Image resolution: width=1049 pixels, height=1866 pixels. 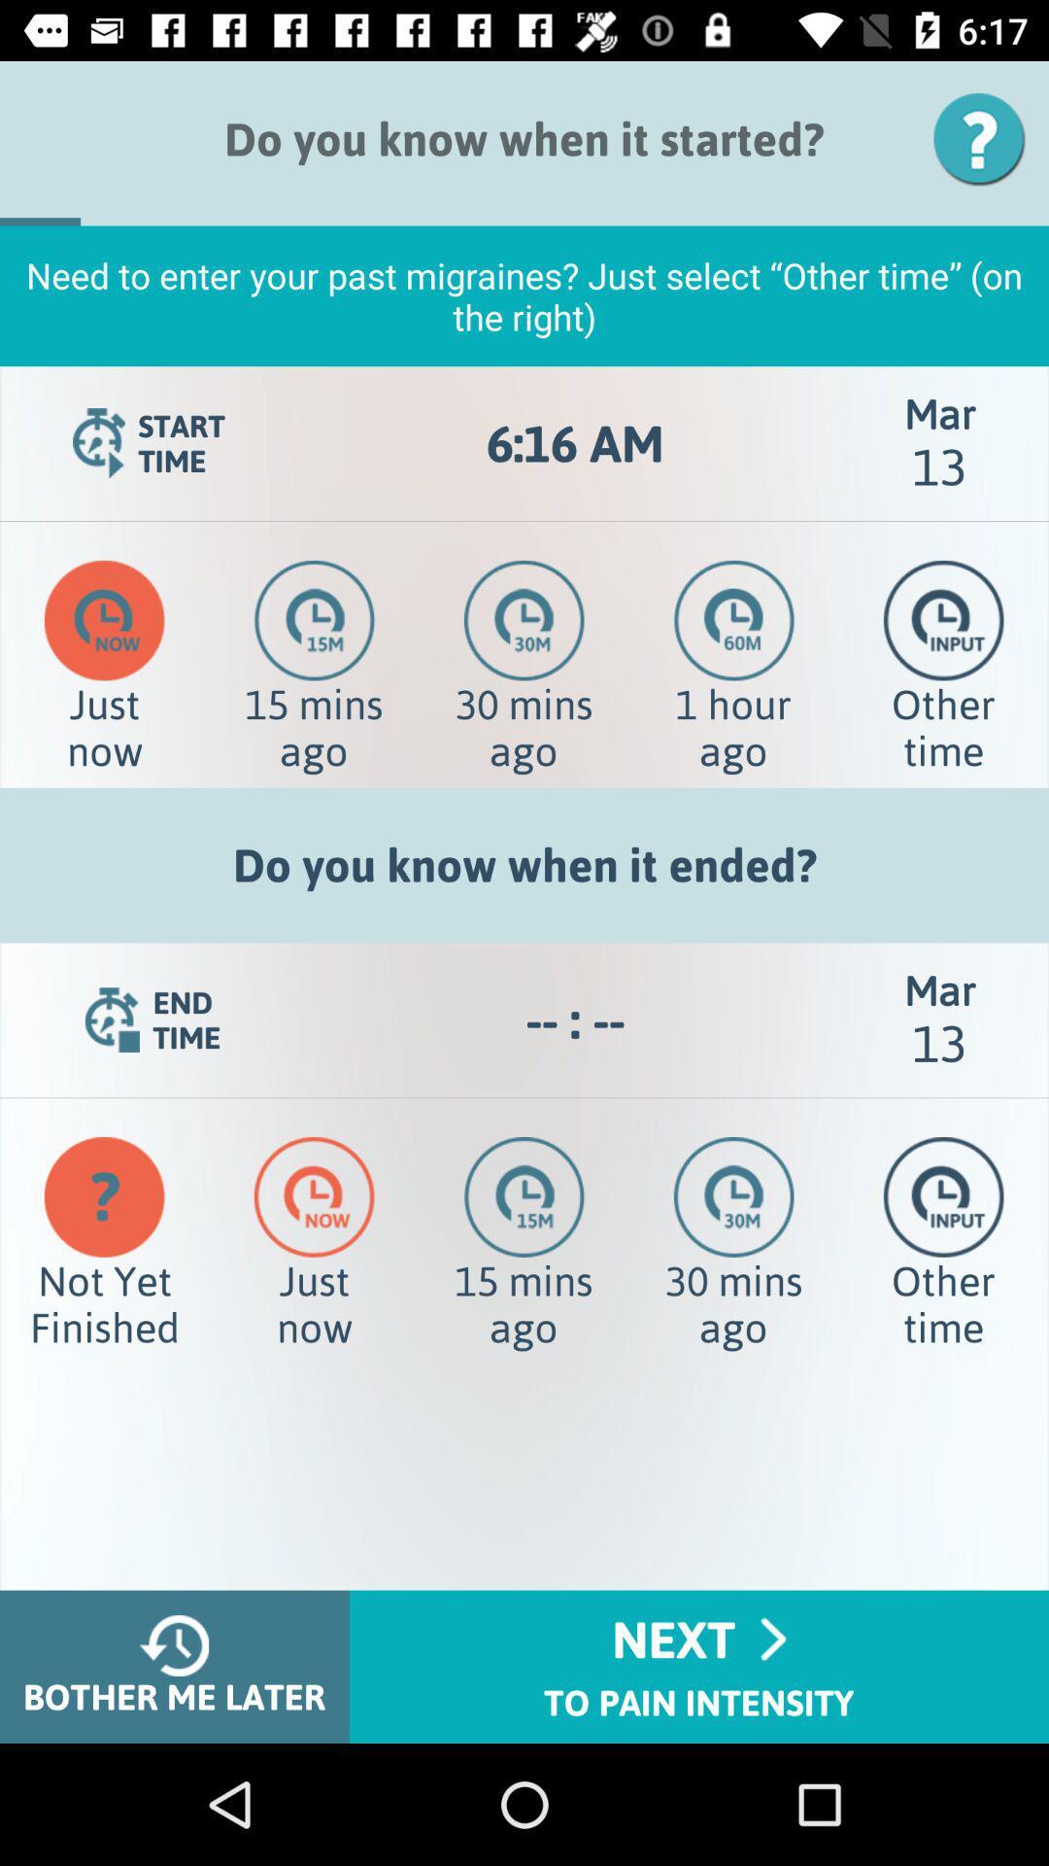 What do you see at coordinates (313, 1195) in the screenshot?
I see `the time icon` at bounding box center [313, 1195].